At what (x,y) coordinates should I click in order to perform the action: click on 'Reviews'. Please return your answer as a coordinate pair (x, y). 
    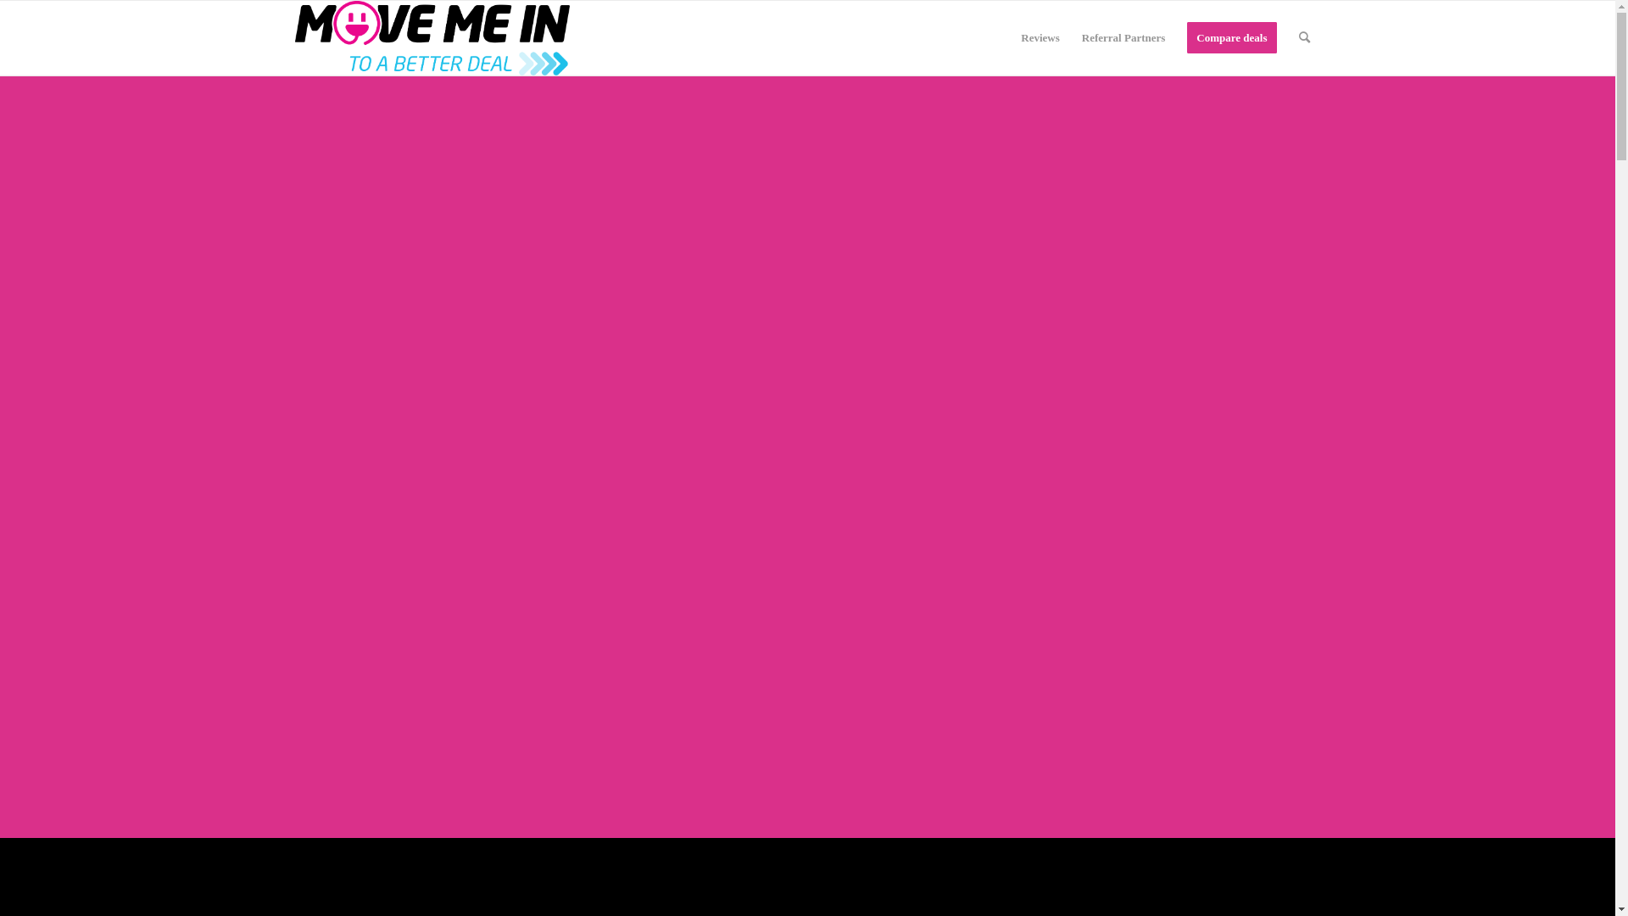
    Looking at the image, I should click on (1040, 38).